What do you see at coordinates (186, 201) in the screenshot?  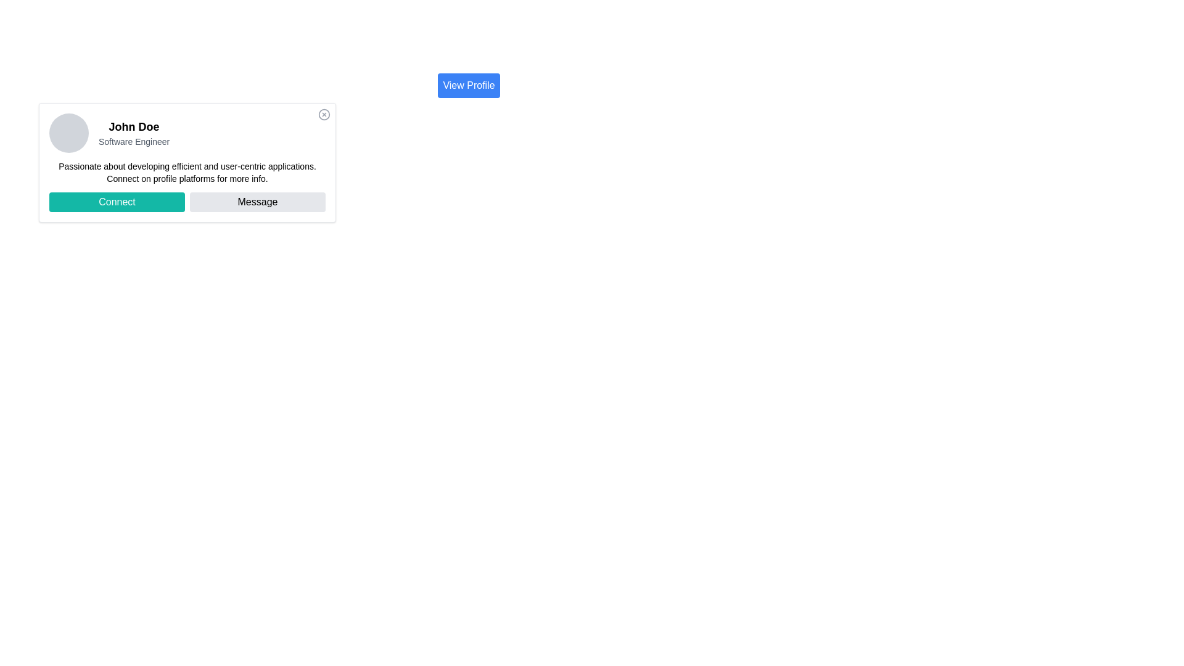 I see `the 'Connect' button located in the grouped button element below the user information card for 'John Doe', a Software Engineer` at bounding box center [186, 201].